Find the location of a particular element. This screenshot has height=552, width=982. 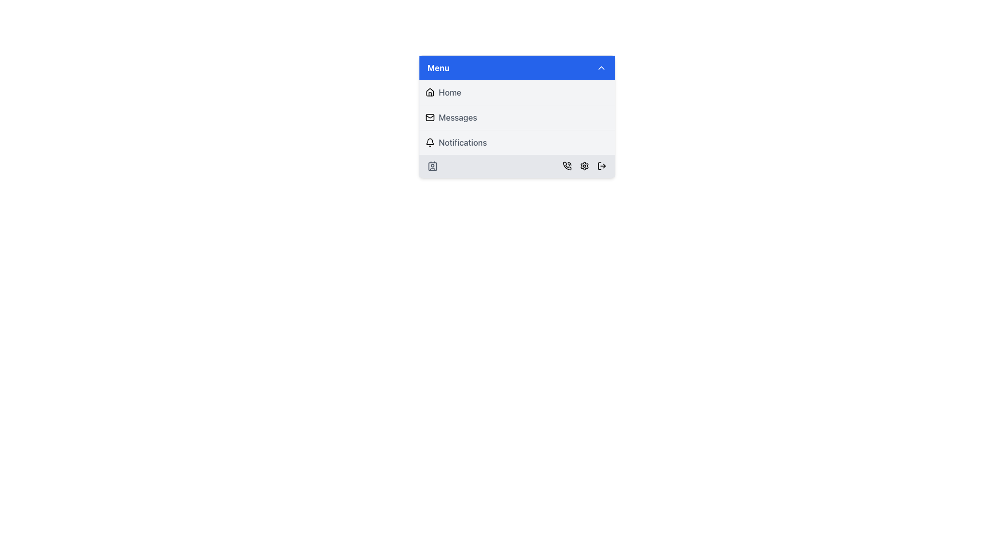

the upward-pointing chevron icon button located in the top-right corner of the blue-colored navigation bar labeled 'Menu.' is located at coordinates (601, 67).